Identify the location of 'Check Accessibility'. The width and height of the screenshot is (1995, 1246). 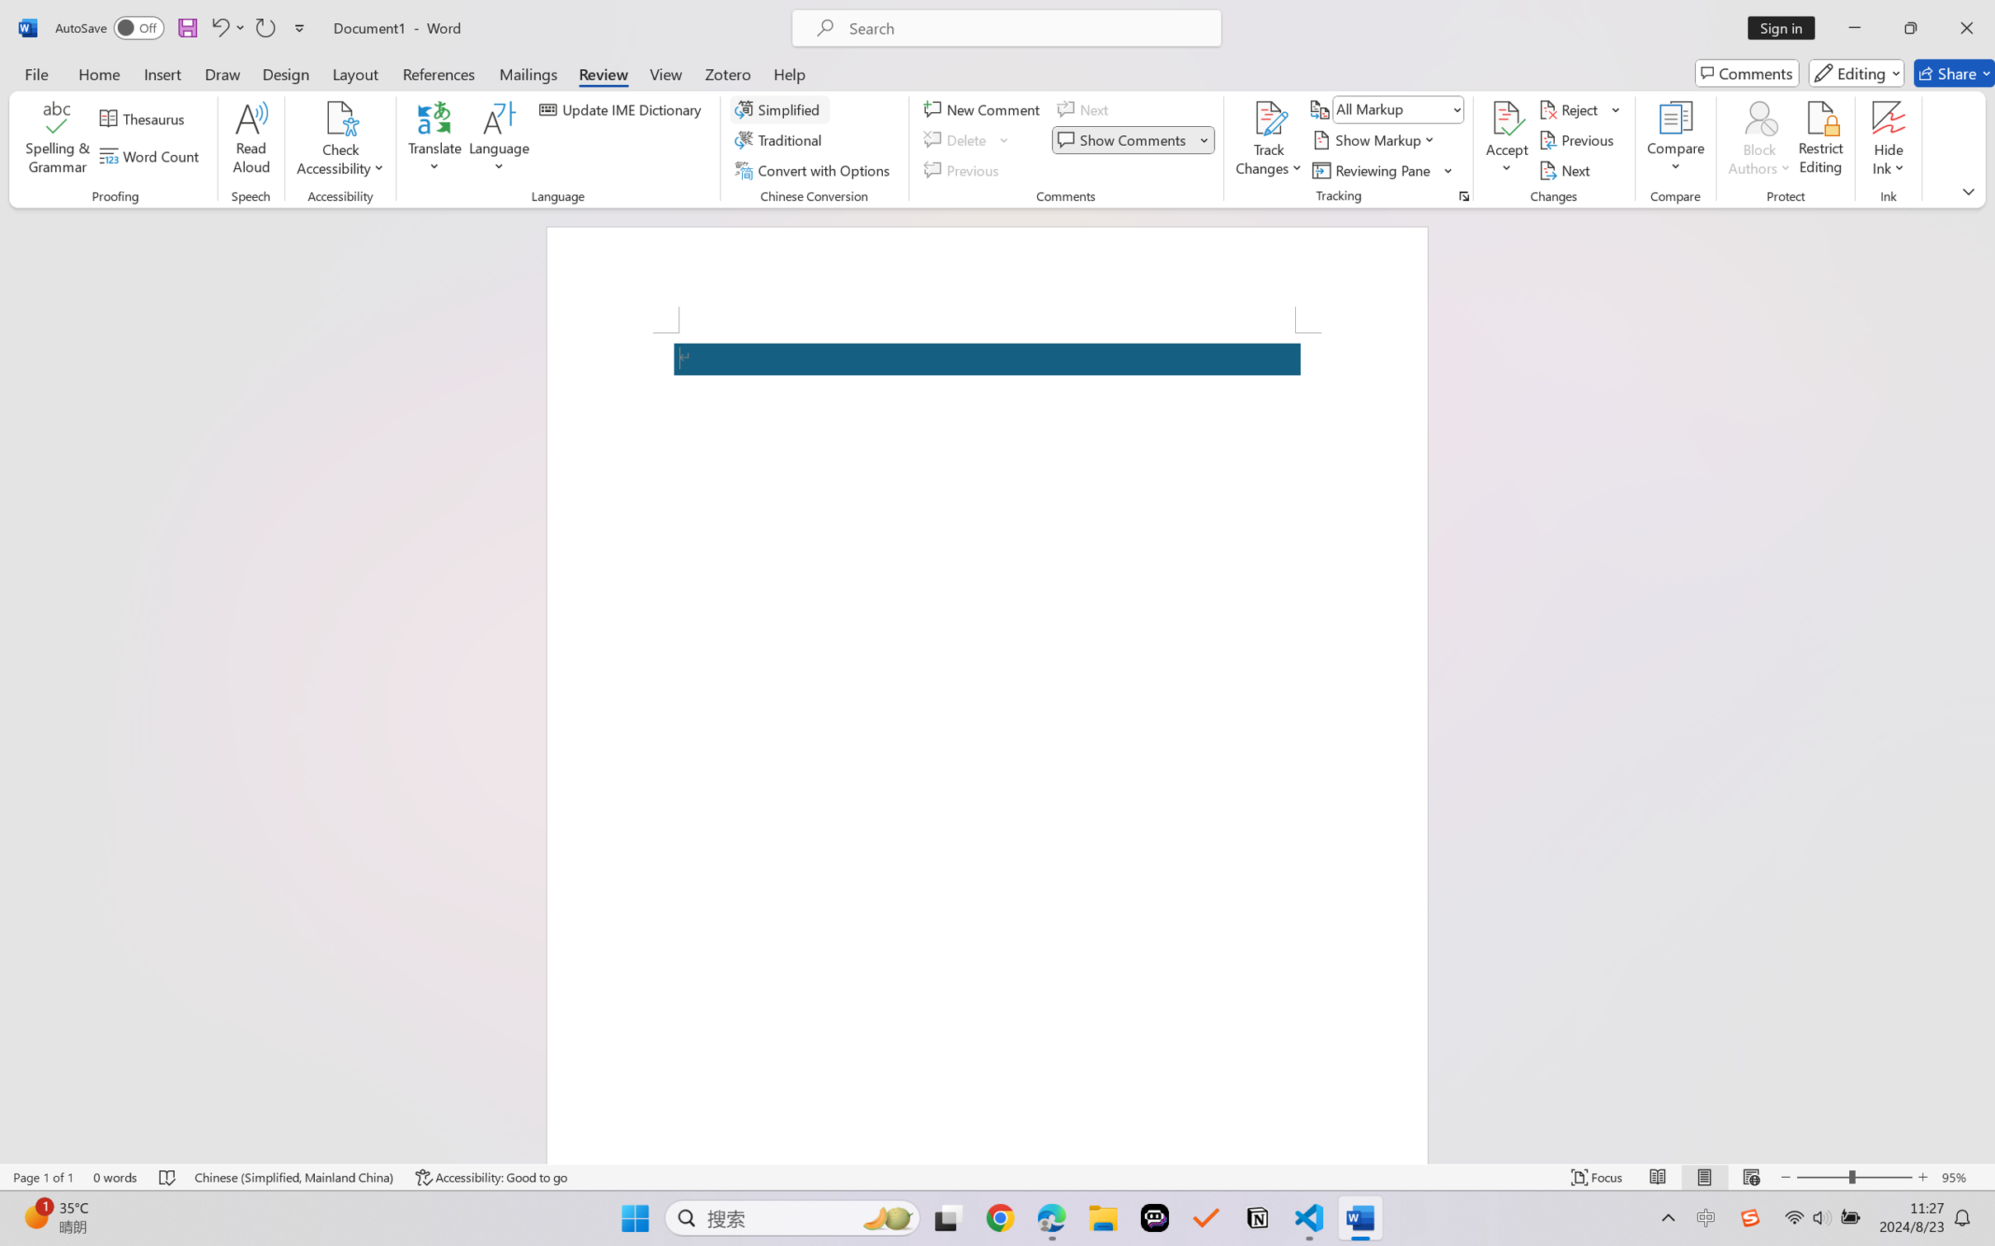
(340, 118).